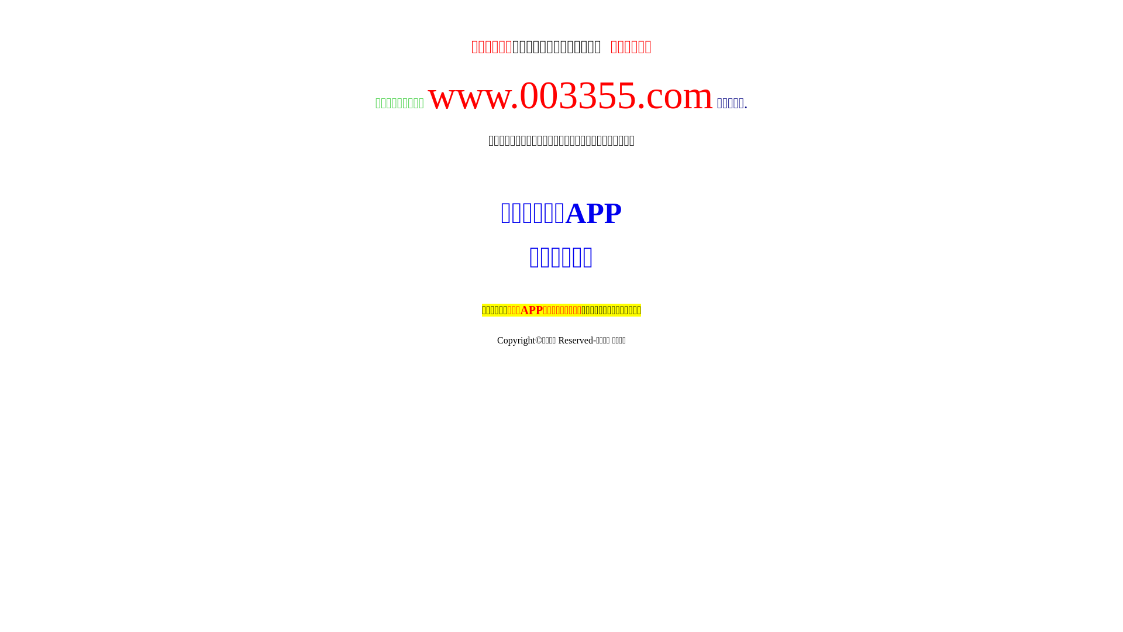 This screenshot has width=1123, height=632. I want to click on 'www.003355.com', so click(570, 94).